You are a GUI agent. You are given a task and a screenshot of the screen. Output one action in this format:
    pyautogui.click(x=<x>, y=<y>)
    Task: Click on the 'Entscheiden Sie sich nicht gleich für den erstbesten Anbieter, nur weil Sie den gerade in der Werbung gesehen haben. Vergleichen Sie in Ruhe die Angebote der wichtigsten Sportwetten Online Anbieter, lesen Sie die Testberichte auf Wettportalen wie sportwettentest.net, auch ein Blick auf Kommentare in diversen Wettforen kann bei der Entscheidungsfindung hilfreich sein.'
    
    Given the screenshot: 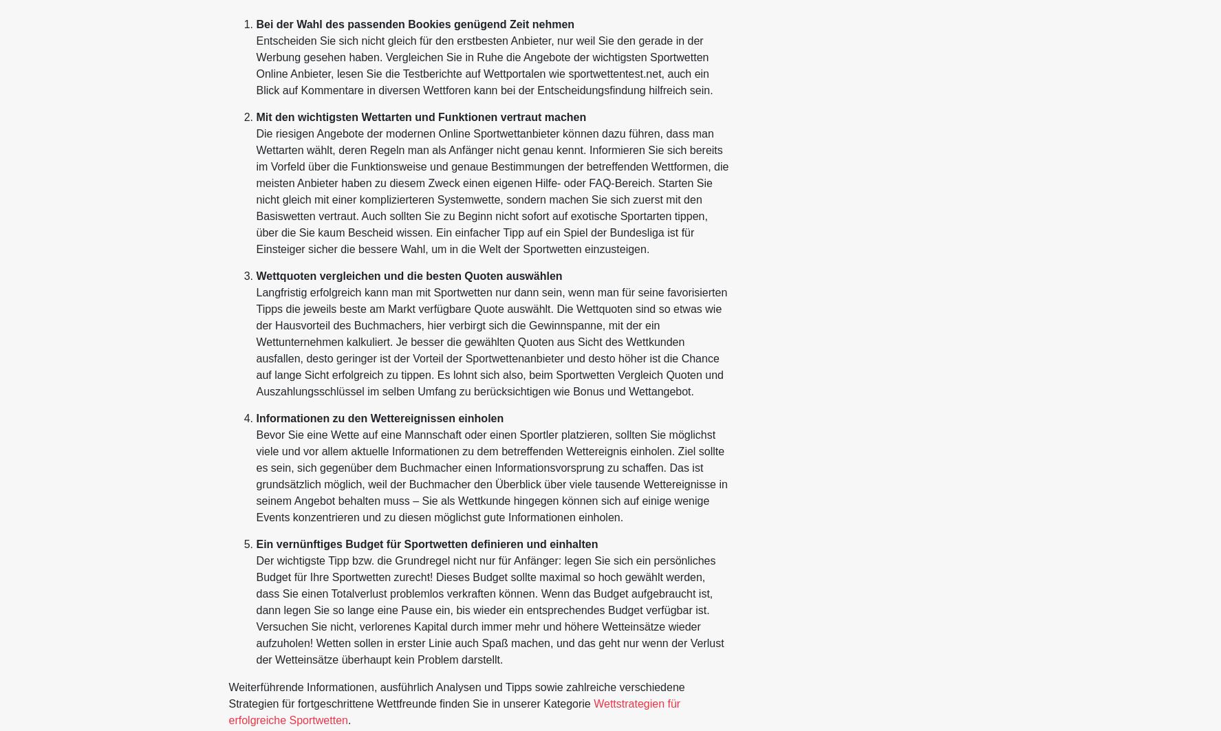 What is the action you would take?
    pyautogui.click(x=483, y=65)
    